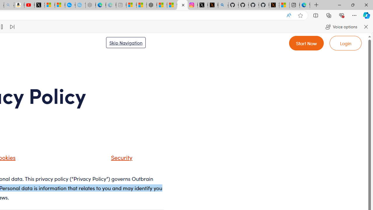 The width and height of the screenshot is (373, 210). I want to click on 'Nordace - Nordace has arrived Hong Kong - Sleeping', so click(90, 5).